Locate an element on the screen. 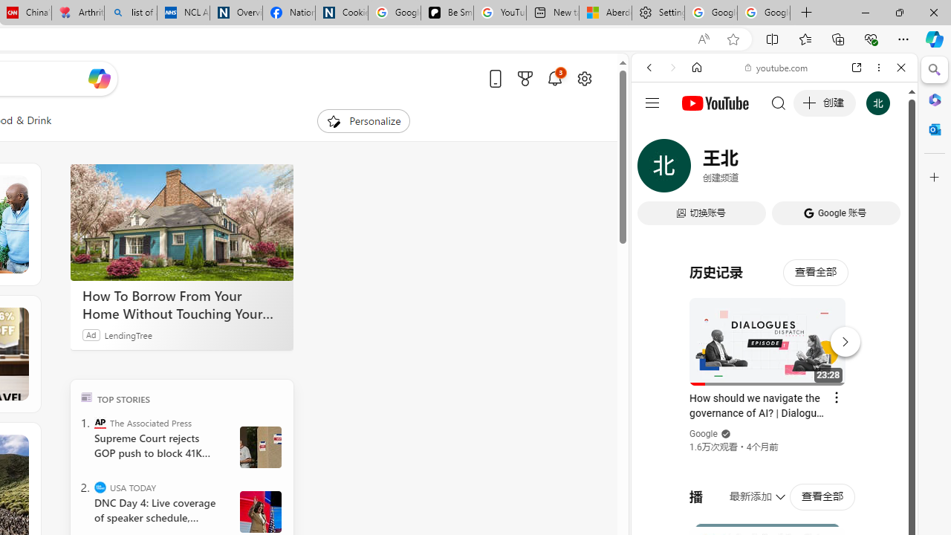  'The Associated Press' is located at coordinates (100, 422).